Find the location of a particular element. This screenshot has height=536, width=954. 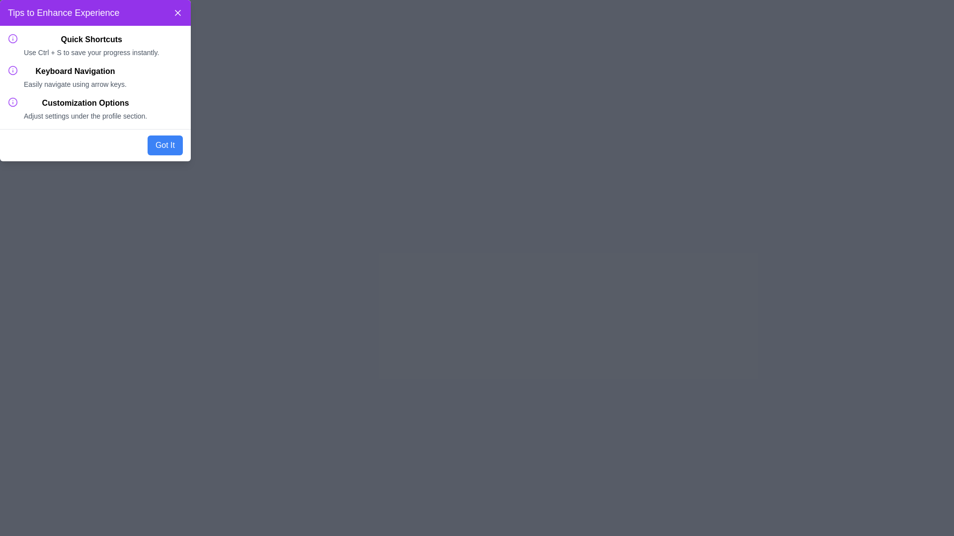

the close button located in the top-right corner of the purple header block titled 'Tips to Enhance Experience' is located at coordinates (178, 13).